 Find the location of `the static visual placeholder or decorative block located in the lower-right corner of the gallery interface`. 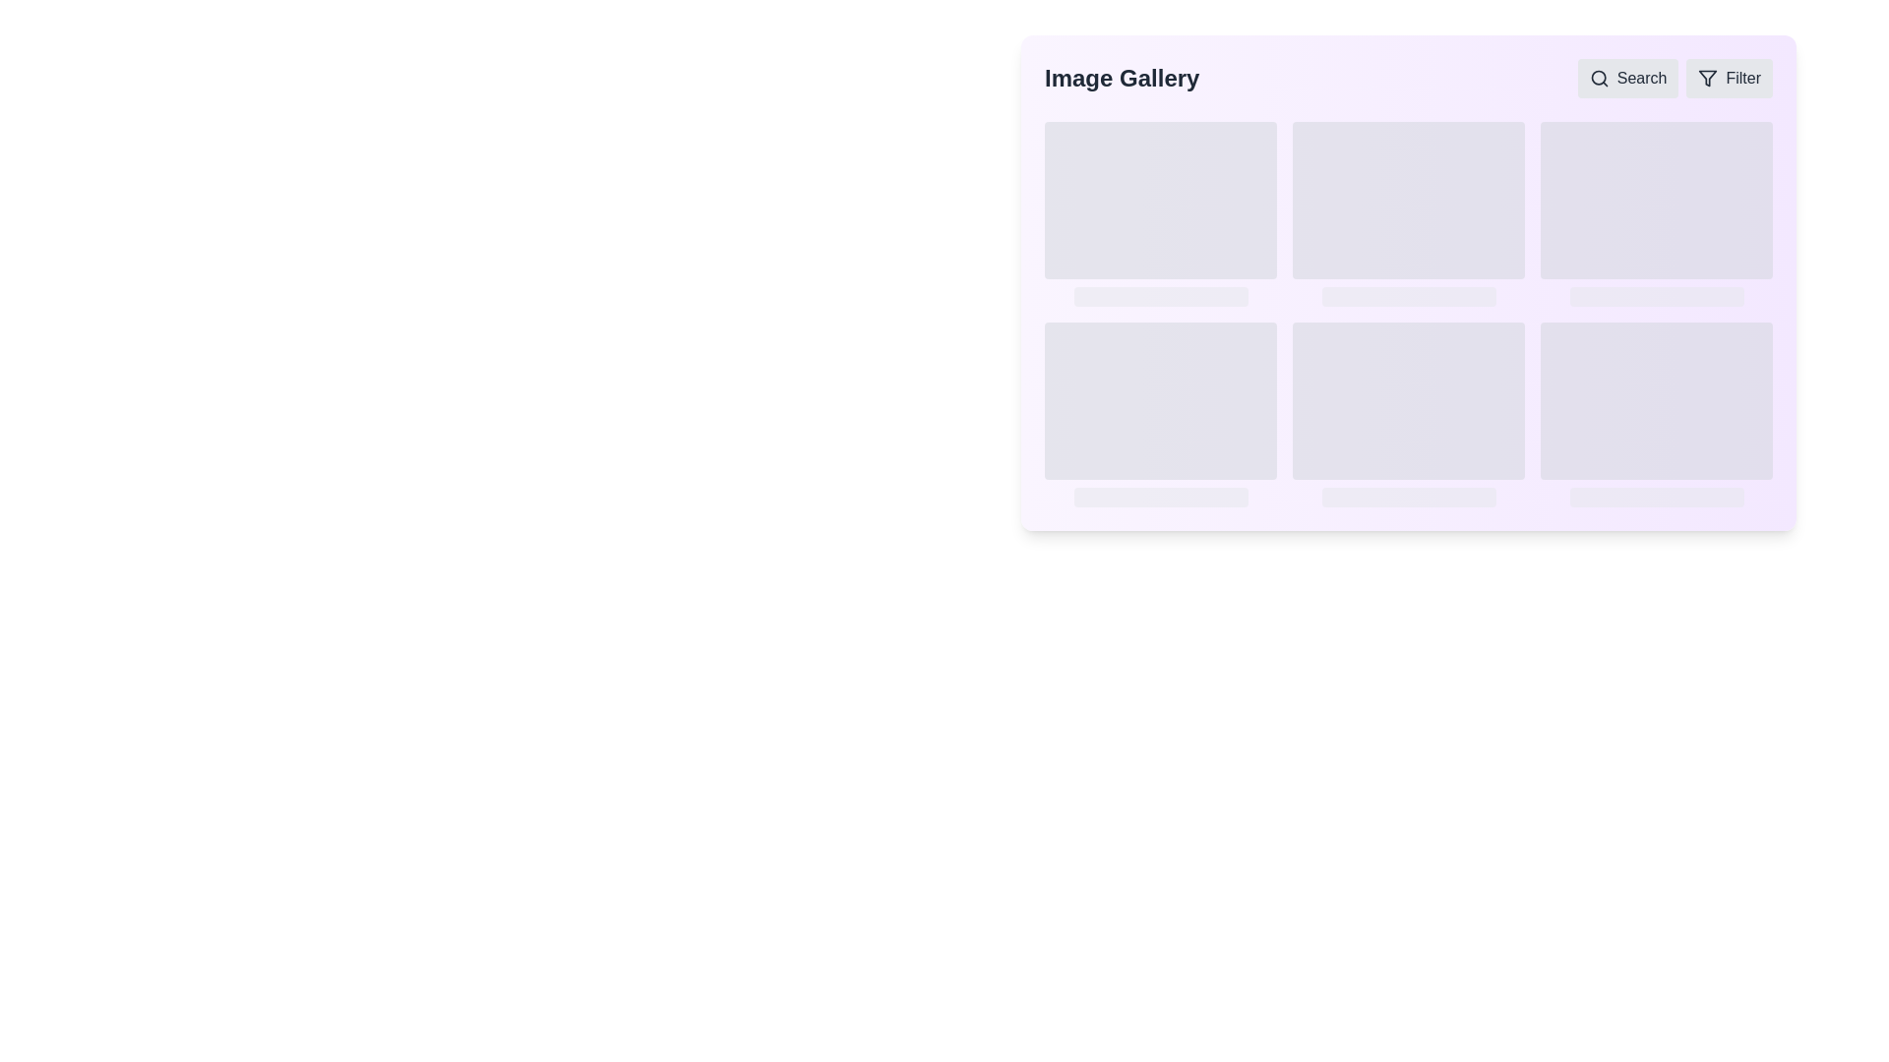

the static visual placeholder or decorative block located in the lower-right corner of the gallery interface is located at coordinates (1656, 400).